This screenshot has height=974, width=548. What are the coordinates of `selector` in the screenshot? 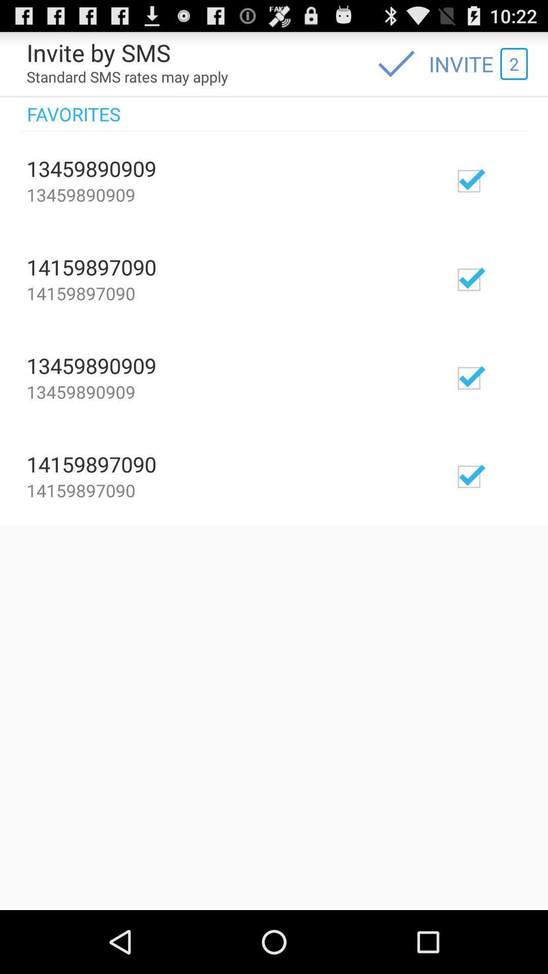 It's located at (498, 279).